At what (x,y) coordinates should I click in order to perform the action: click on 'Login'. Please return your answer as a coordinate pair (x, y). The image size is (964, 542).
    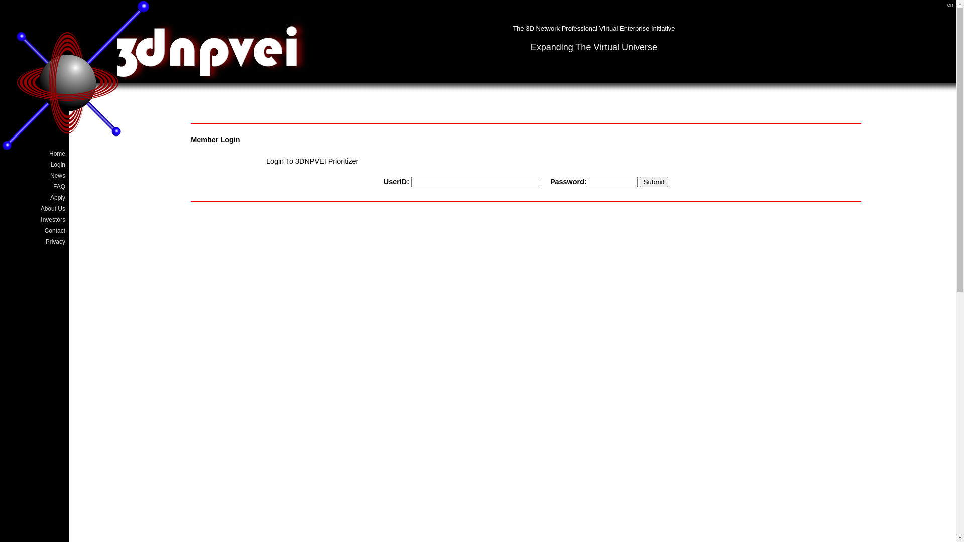
    Looking at the image, I should click on (35, 164).